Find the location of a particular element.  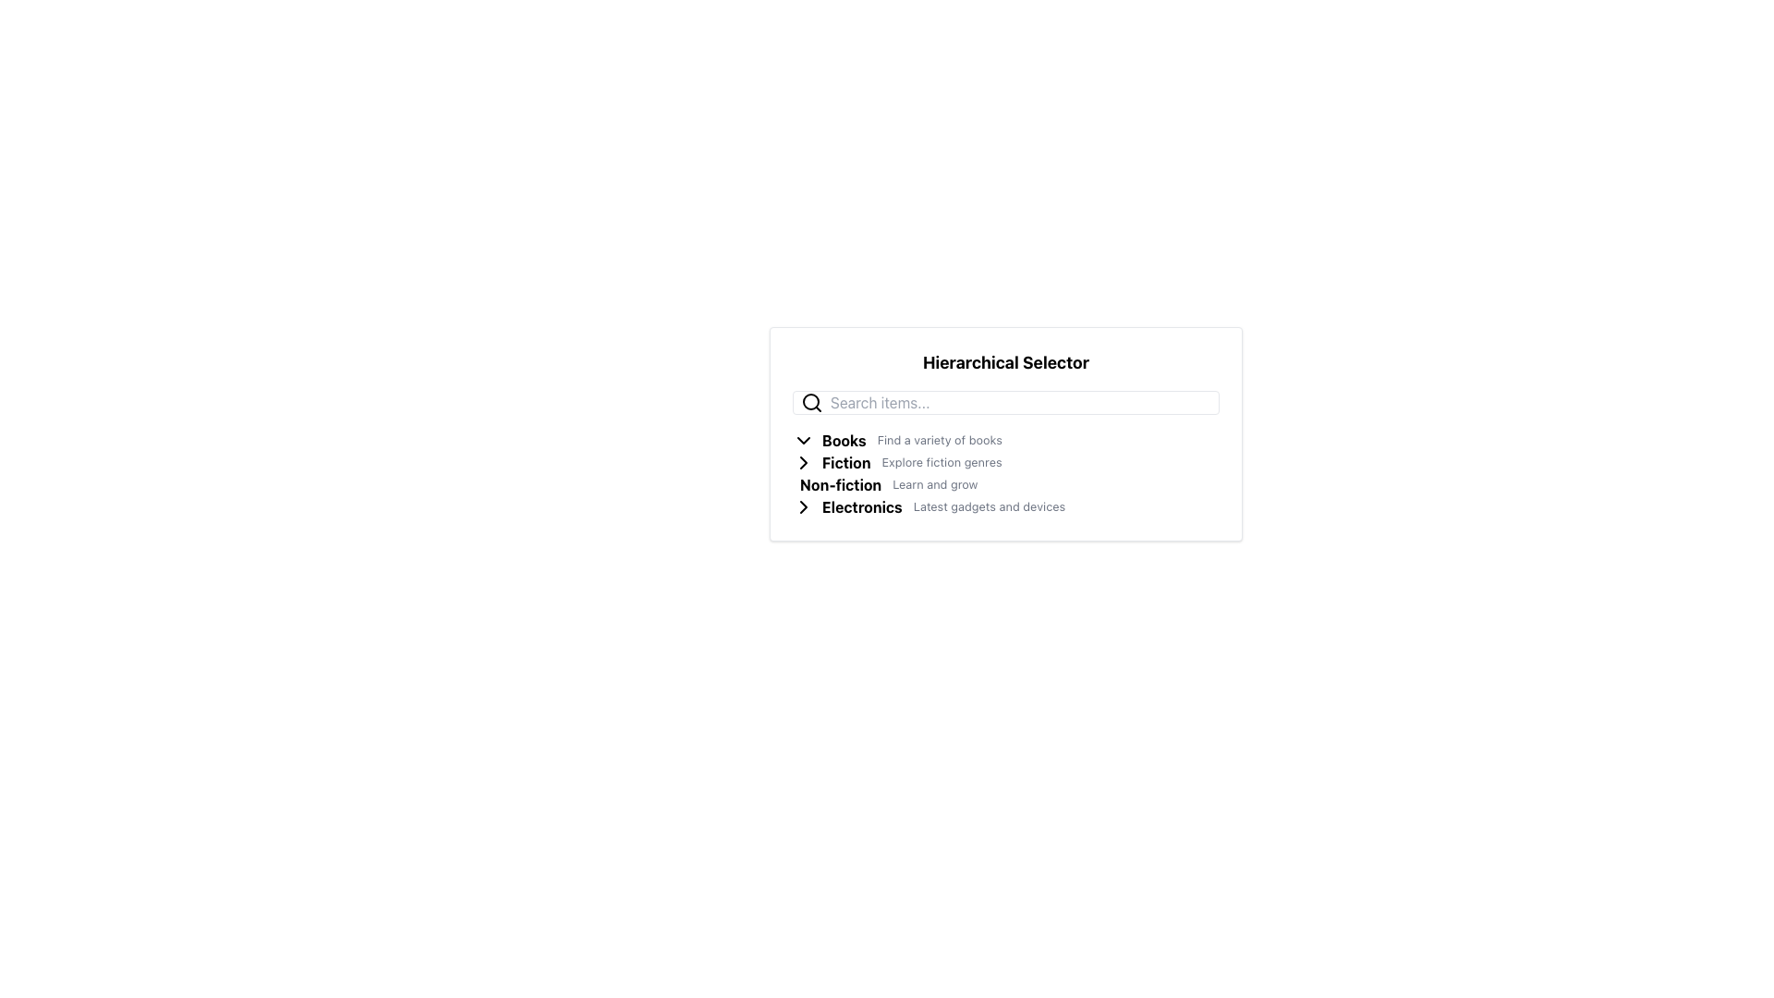

the 'Non-fiction' text label in the hierarchical selector is located at coordinates (840, 483).